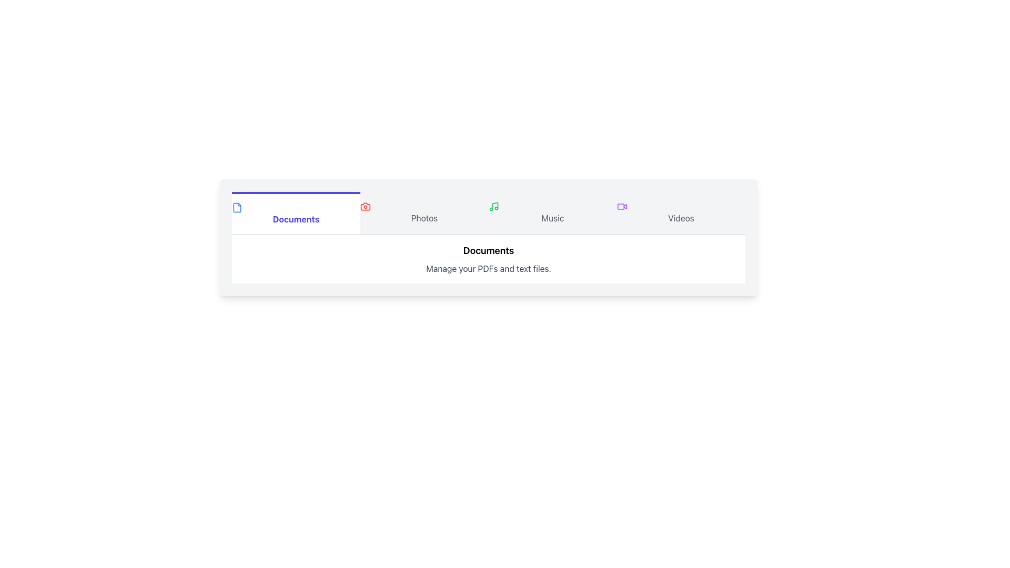 The width and height of the screenshot is (1010, 568). What do you see at coordinates (552, 218) in the screenshot?
I see `the text label displaying 'Music' in the upper-central portion of the interface, located within the navigation bar` at bounding box center [552, 218].